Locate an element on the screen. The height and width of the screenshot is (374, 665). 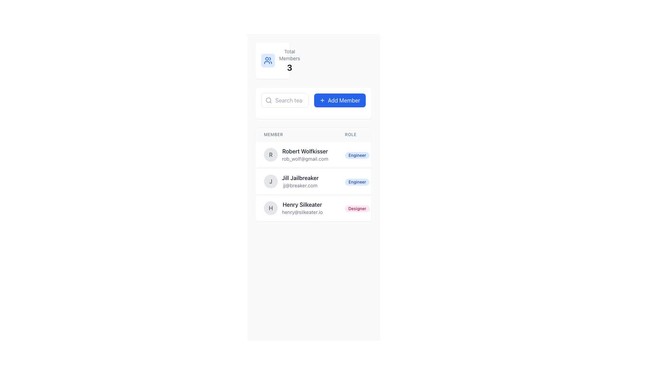
the button located to the right of the search bar, which allows adding a new member to the list is located at coordinates (313, 103).